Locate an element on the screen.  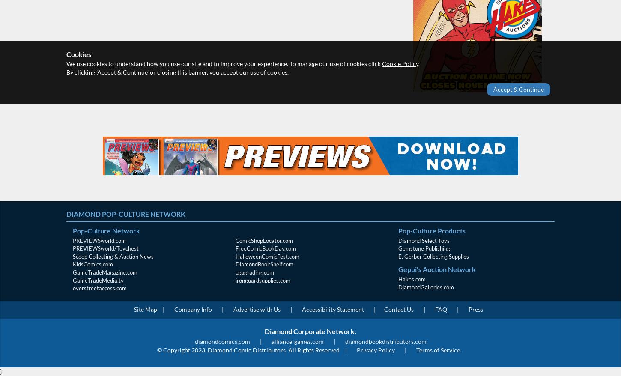
'Company Info' is located at coordinates (192, 308).